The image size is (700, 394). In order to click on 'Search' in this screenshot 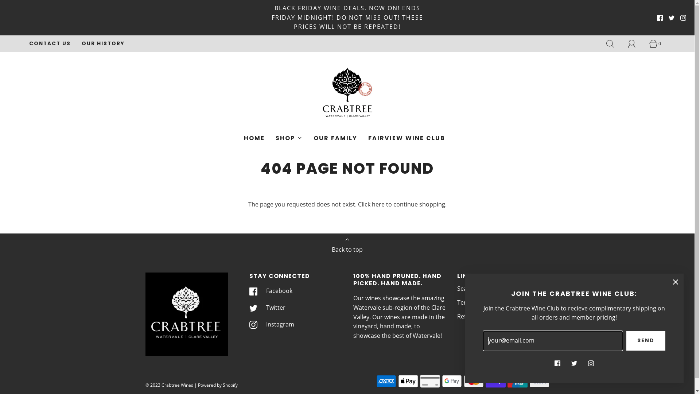, I will do `click(467, 288)`.